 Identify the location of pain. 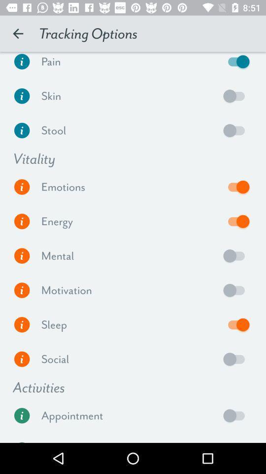
(236, 63).